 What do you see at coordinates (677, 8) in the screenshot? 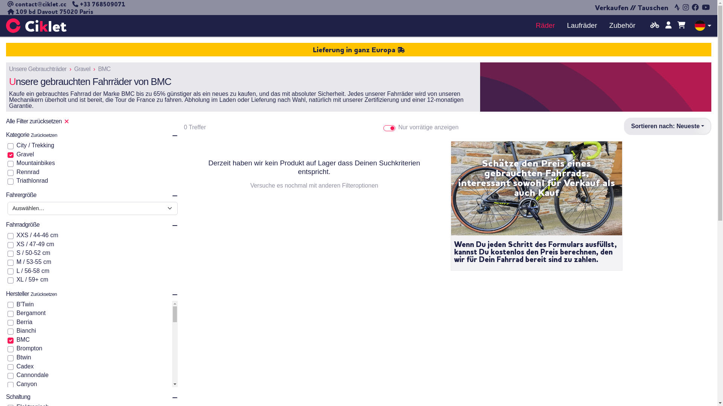
I see `'Strava'` at bounding box center [677, 8].